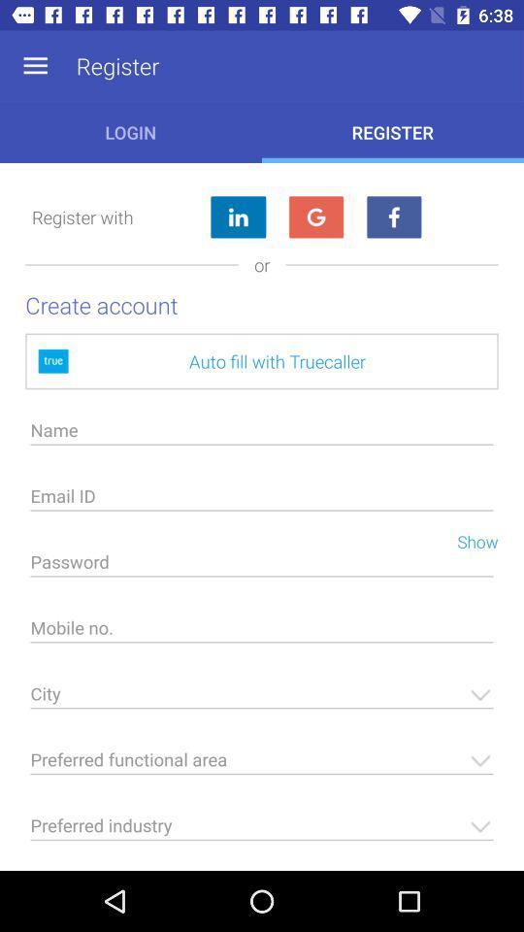 The height and width of the screenshot is (932, 524). Describe the element at coordinates (393, 131) in the screenshot. I see `the button next to login` at that location.